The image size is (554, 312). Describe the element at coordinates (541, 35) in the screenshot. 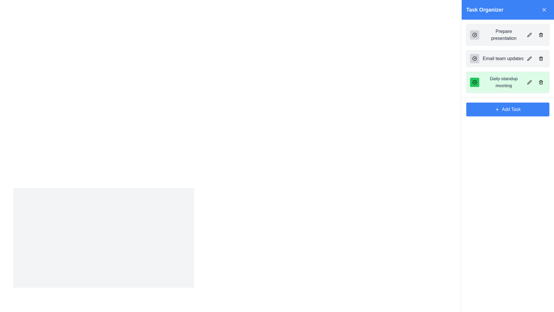

I see `the delete icon button represented by a trash bin in the 'Task Organizer' UI section` at that location.